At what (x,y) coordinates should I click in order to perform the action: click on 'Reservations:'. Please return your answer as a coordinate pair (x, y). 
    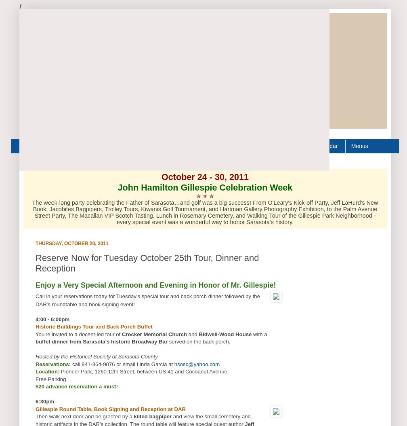
    Looking at the image, I should click on (53, 364).